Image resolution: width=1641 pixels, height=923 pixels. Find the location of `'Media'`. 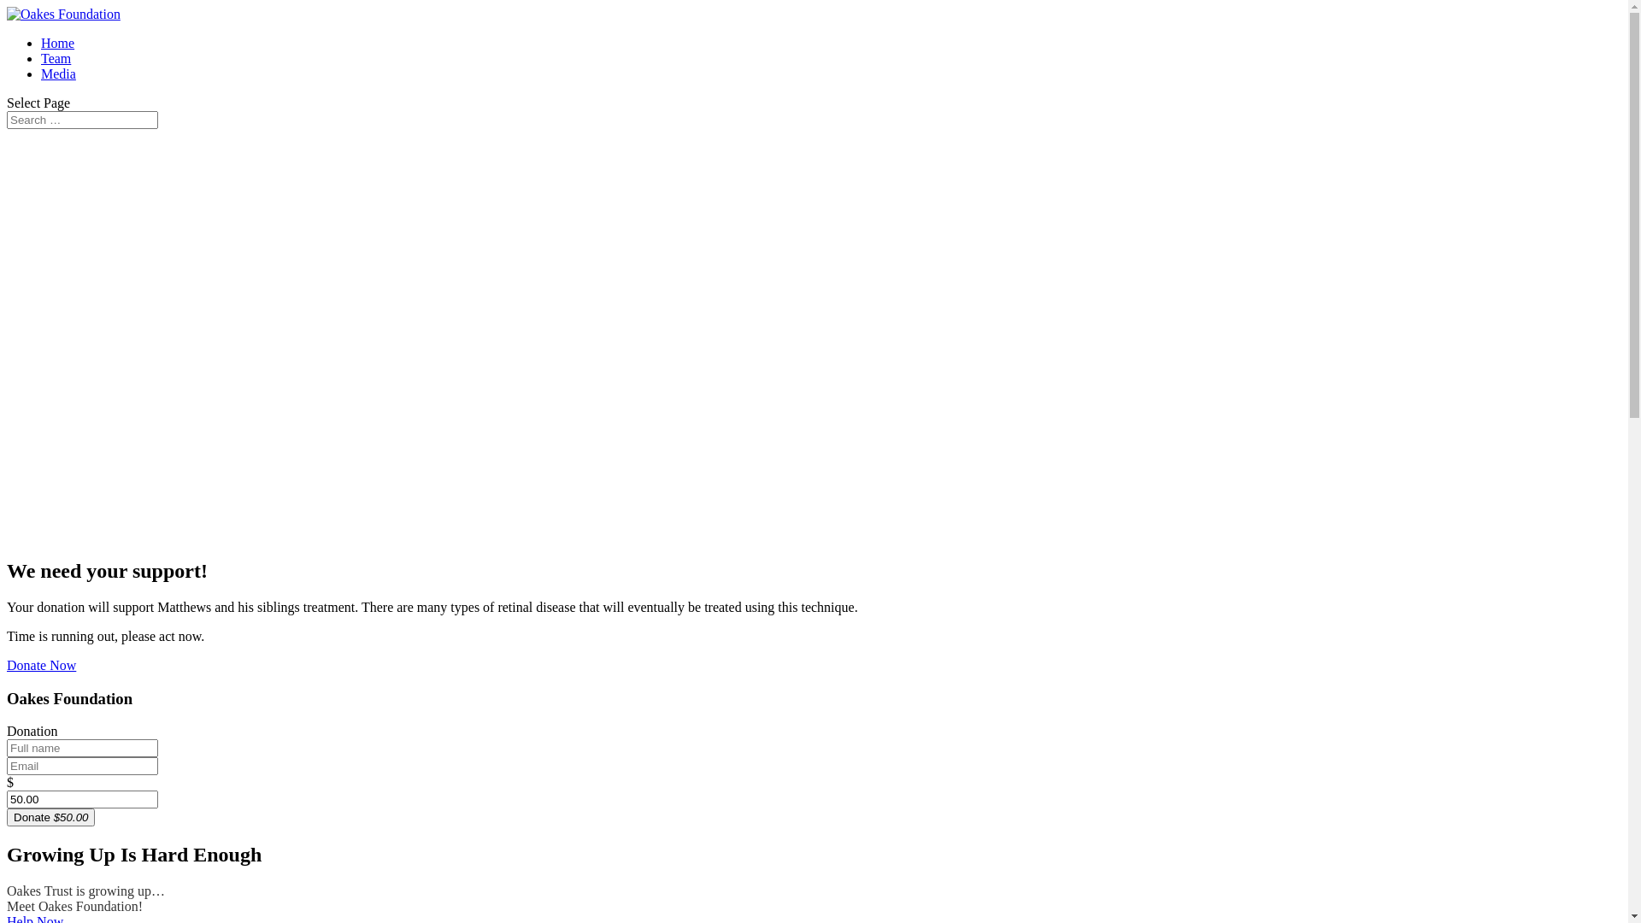

'Media' is located at coordinates (58, 73).